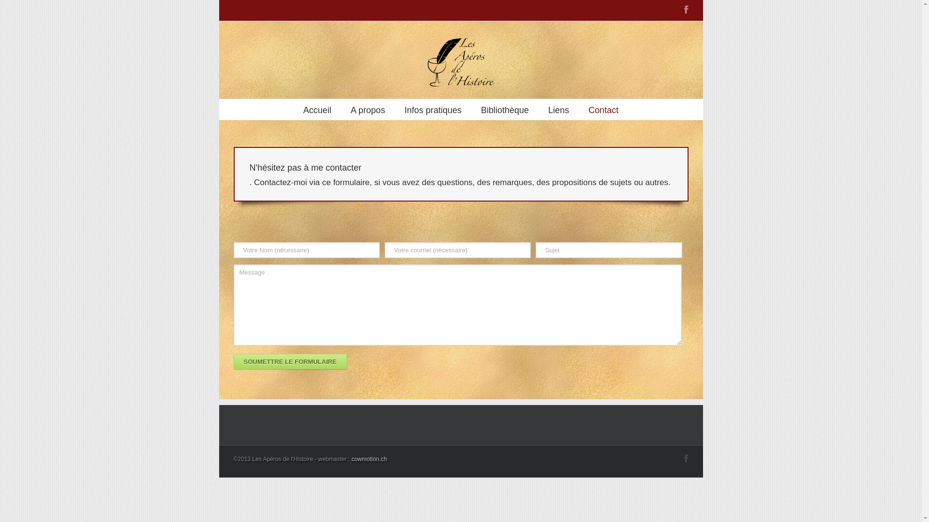  Describe the element at coordinates (317, 109) in the screenshot. I see `'Accueil'` at that location.